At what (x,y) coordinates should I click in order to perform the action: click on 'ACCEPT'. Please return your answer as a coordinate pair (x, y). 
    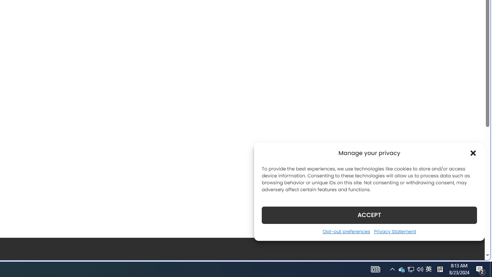
    Looking at the image, I should click on (369, 215).